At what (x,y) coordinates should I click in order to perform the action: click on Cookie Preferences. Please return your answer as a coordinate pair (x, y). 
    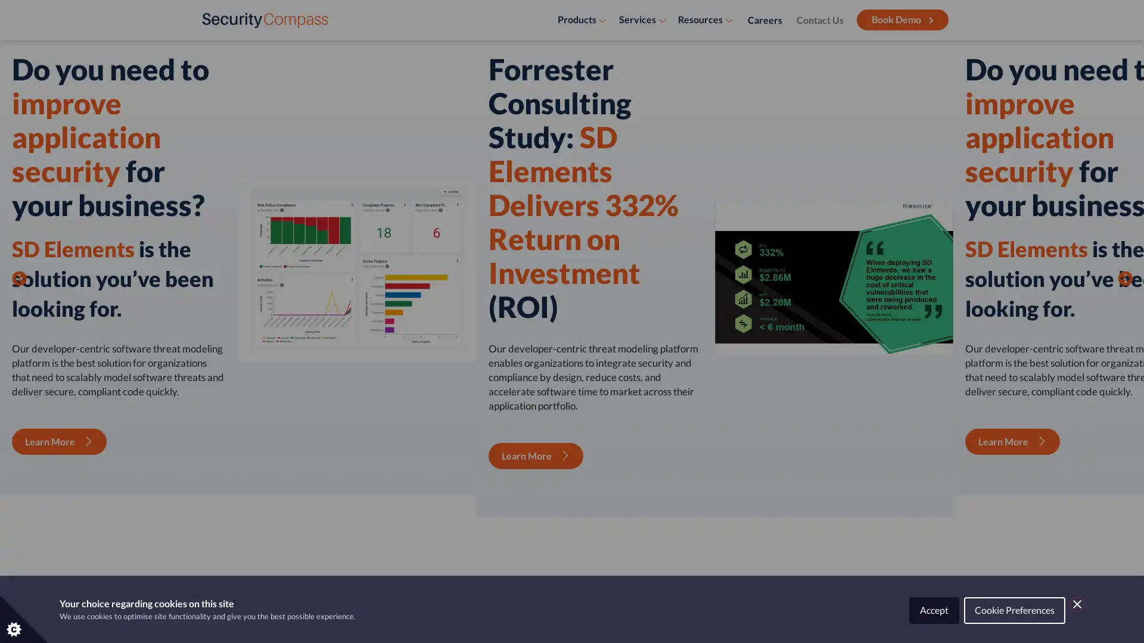
    Looking at the image, I should click on (1014, 610).